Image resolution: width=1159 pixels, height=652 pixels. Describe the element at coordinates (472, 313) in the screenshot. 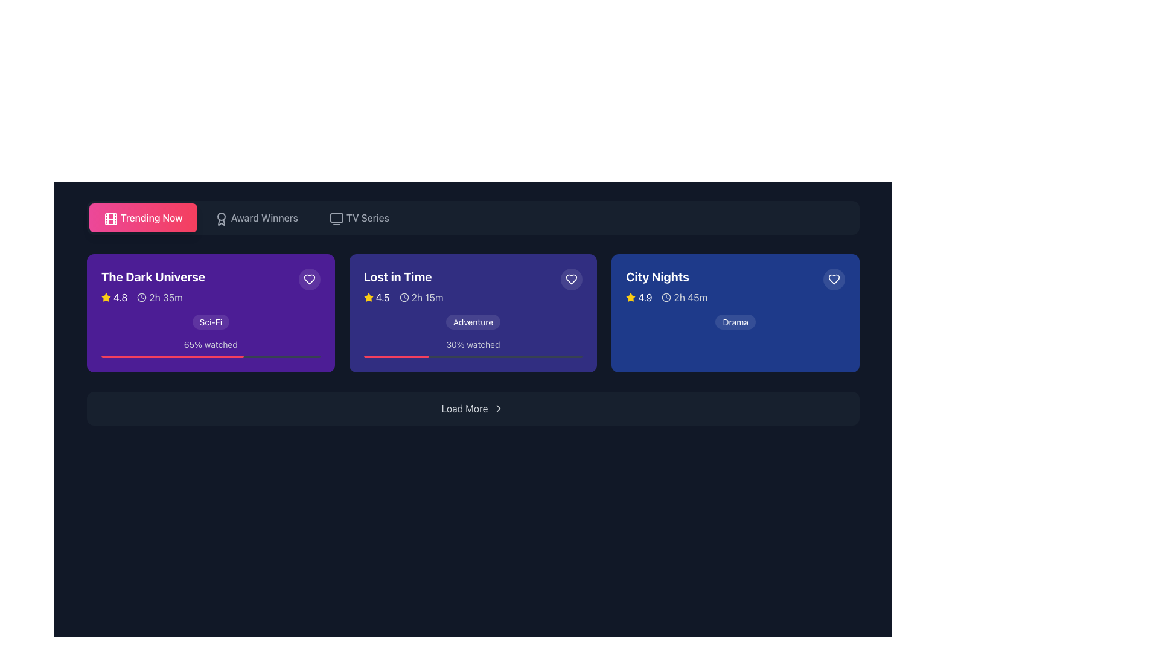

I see `the movie card titled 'Lost in Time' to explore more details about the movie` at that location.